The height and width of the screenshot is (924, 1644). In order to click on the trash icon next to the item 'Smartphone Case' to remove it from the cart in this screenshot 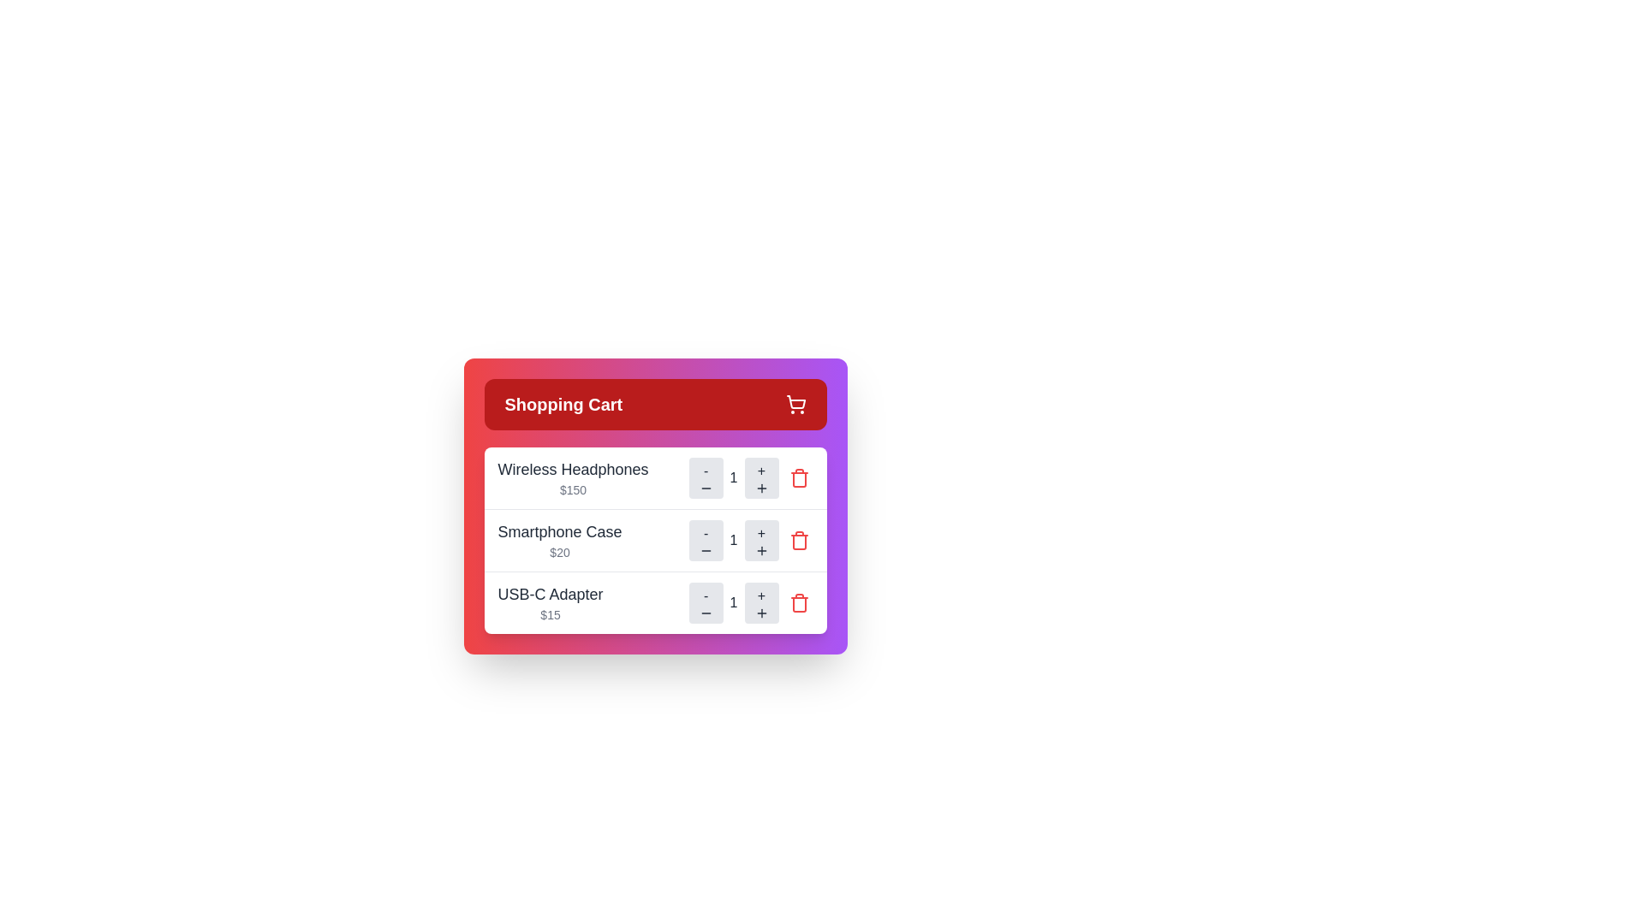, I will do `click(798, 541)`.